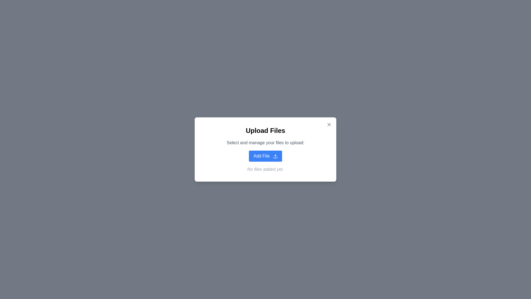  Describe the element at coordinates (265, 156) in the screenshot. I see `the 'Add File' button to add a file` at that location.